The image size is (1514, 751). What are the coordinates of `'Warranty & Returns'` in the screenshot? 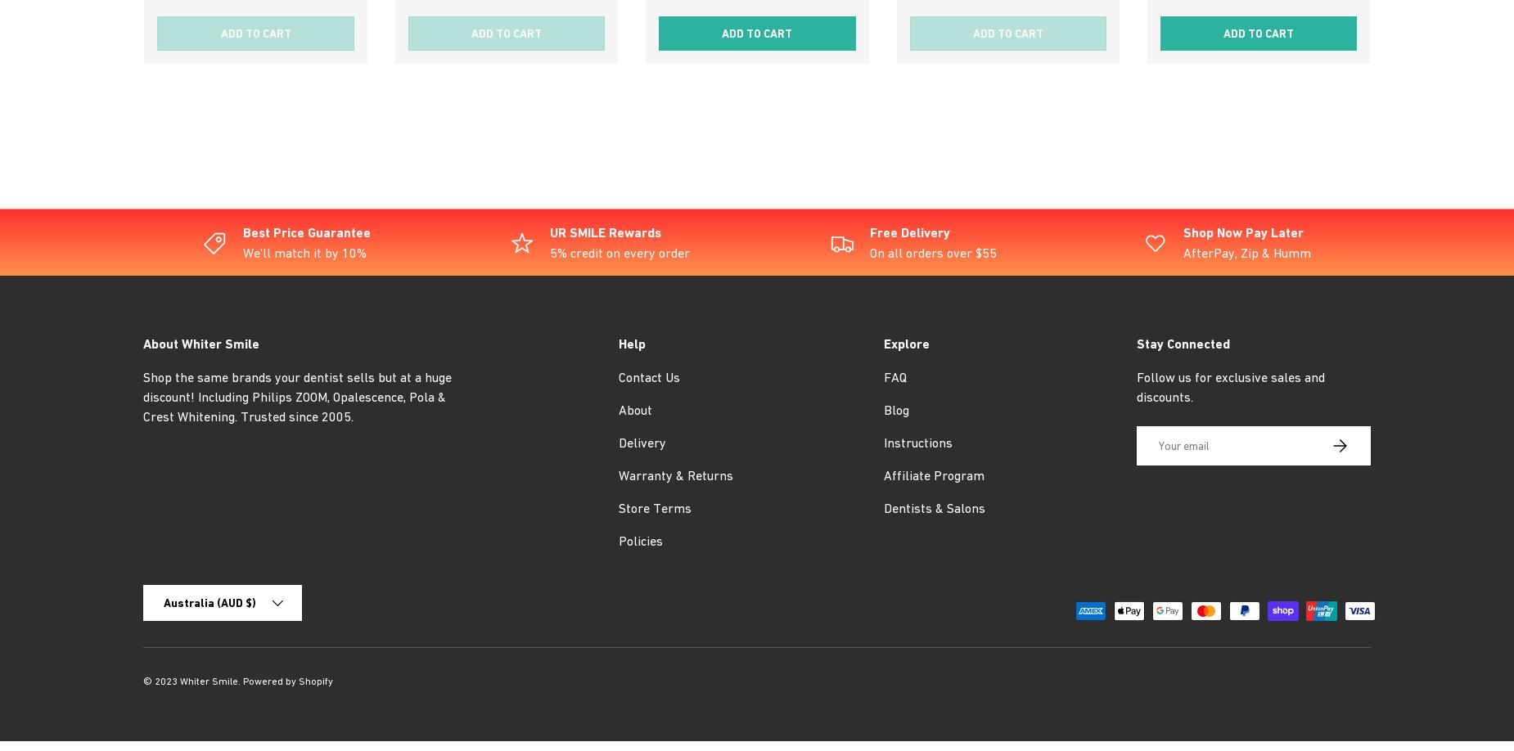 It's located at (617, 474).